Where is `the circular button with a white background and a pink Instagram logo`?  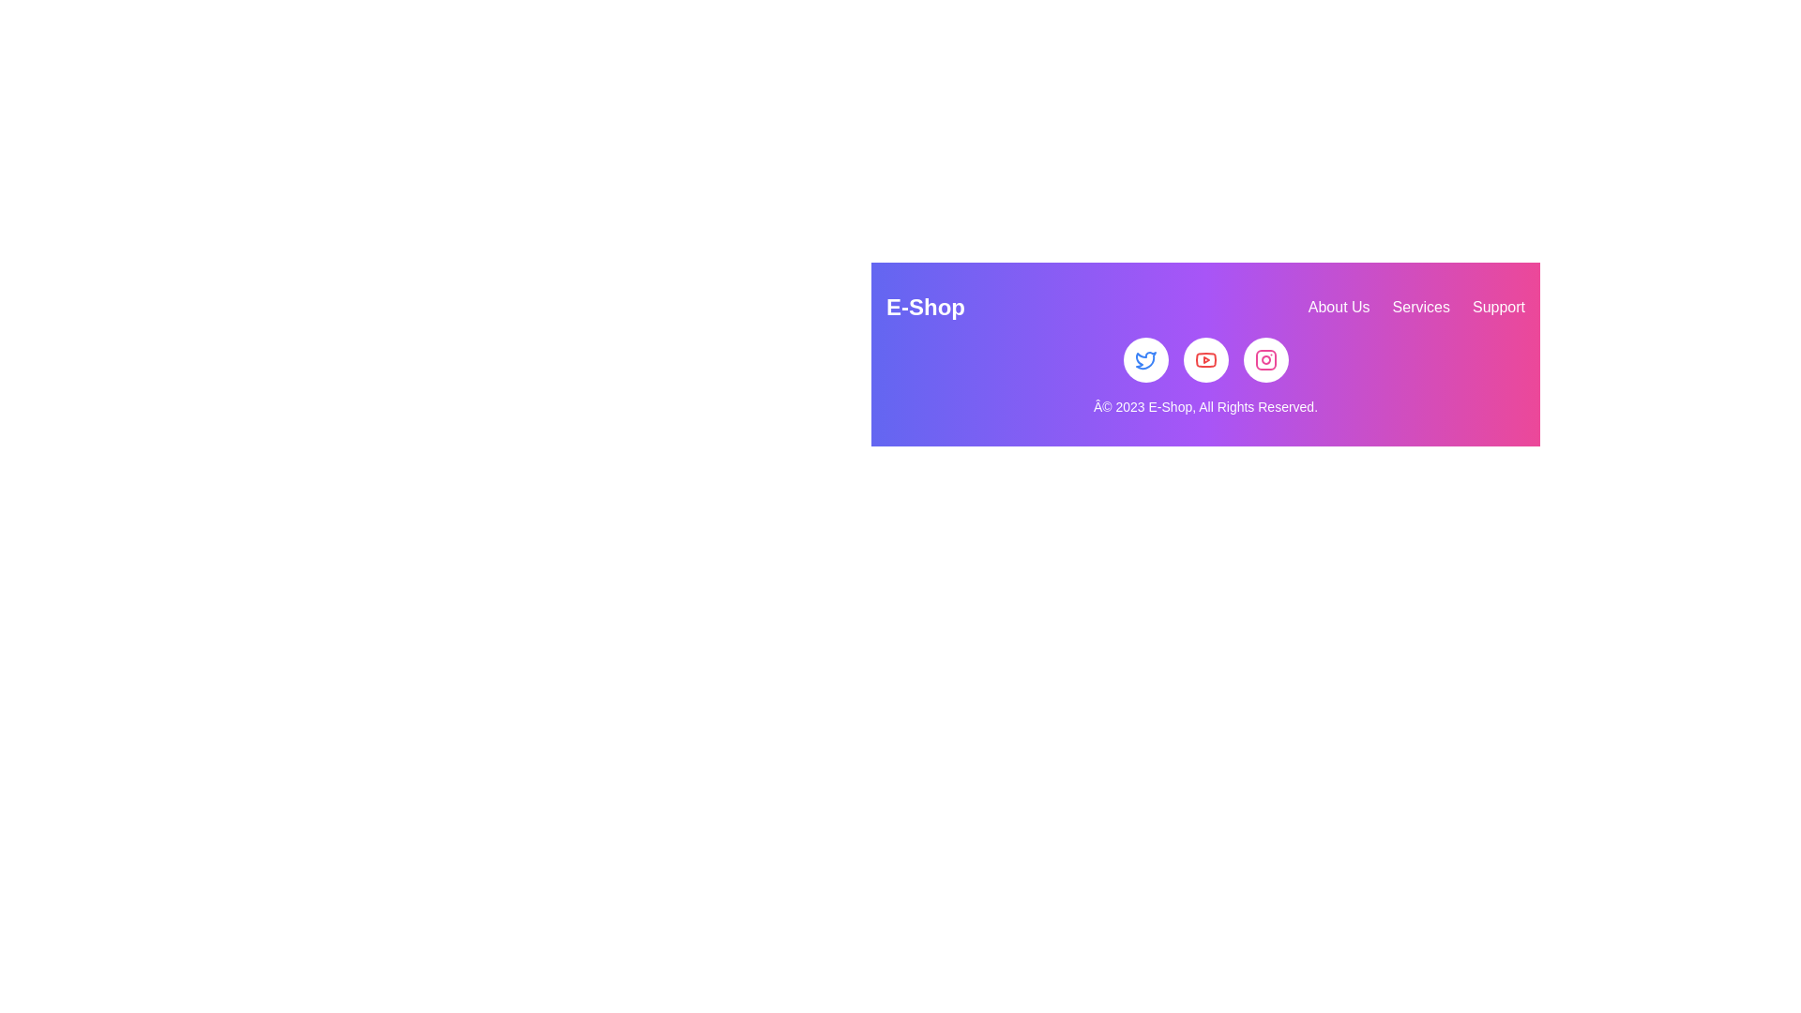
the circular button with a white background and a pink Instagram logo is located at coordinates (1265, 360).